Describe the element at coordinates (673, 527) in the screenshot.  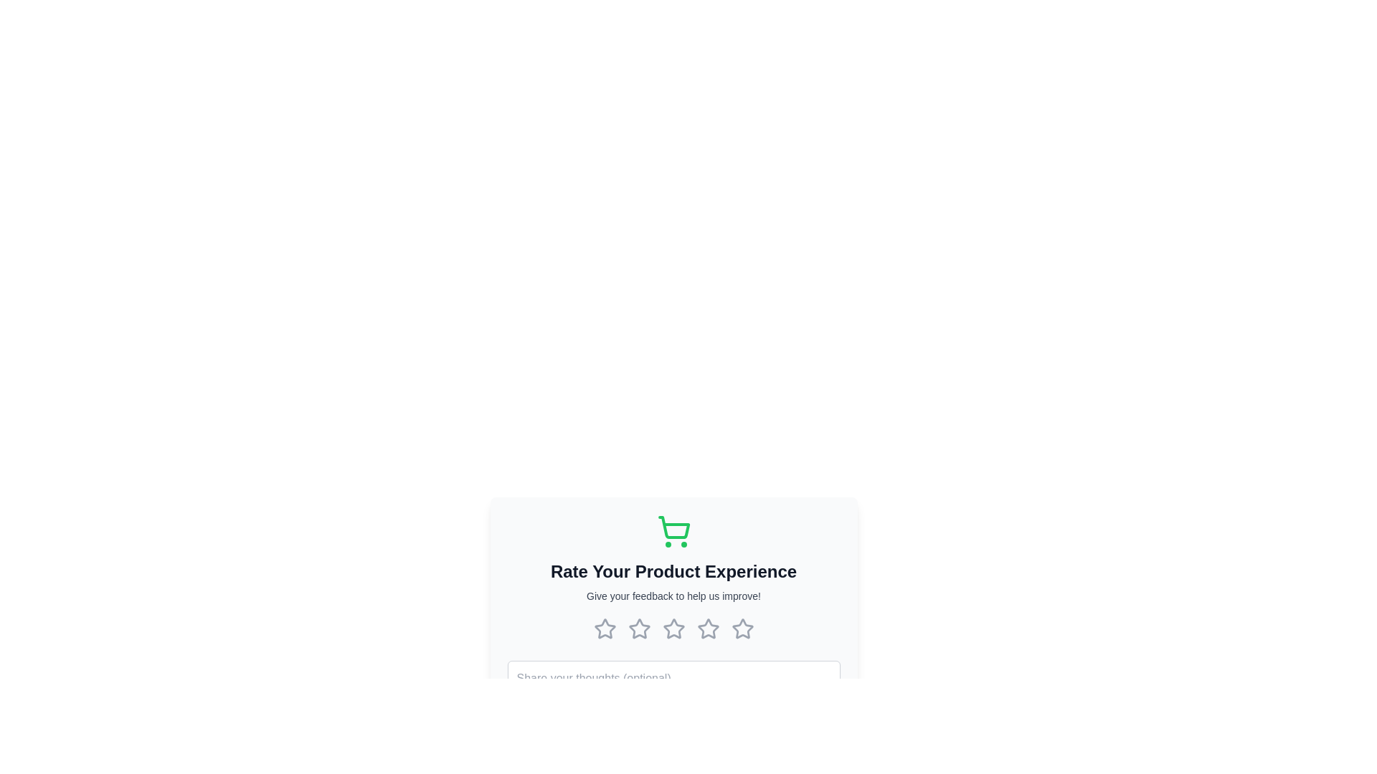
I see `the shopping cart icon, which is green and located near the top center of the layout, representing the main body of the icon` at that location.